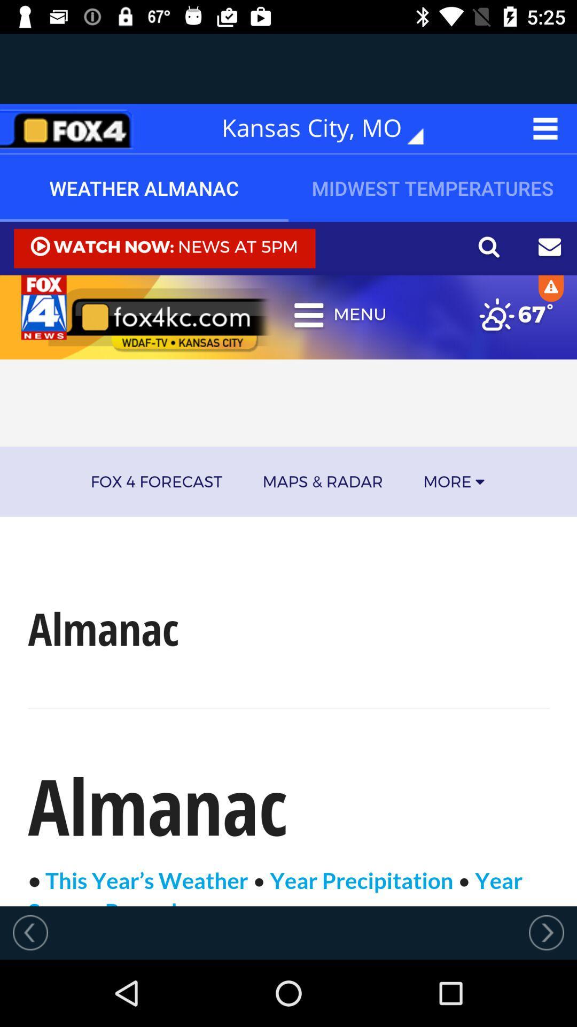  What do you see at coordinates (546, 932) in the screenshot?
I see `nextpage` at bounding box center [546, 932].